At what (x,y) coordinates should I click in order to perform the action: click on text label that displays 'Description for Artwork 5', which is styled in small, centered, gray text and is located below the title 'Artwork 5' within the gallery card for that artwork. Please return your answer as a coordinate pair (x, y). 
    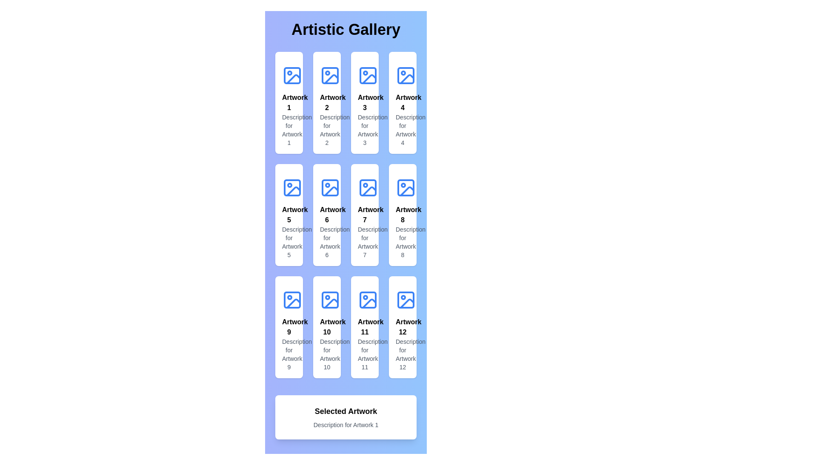
    Looking at the image, I should click on (289, 242).